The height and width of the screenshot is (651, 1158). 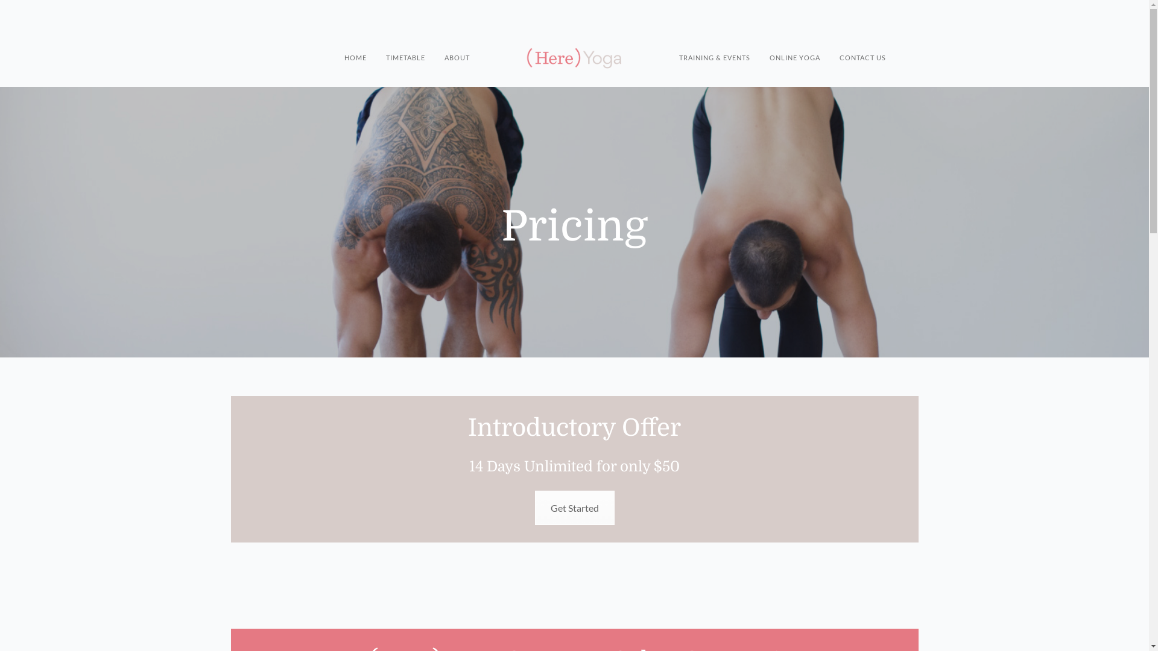 I want to click on 'CONTACT US', so click(x=862, y=45).